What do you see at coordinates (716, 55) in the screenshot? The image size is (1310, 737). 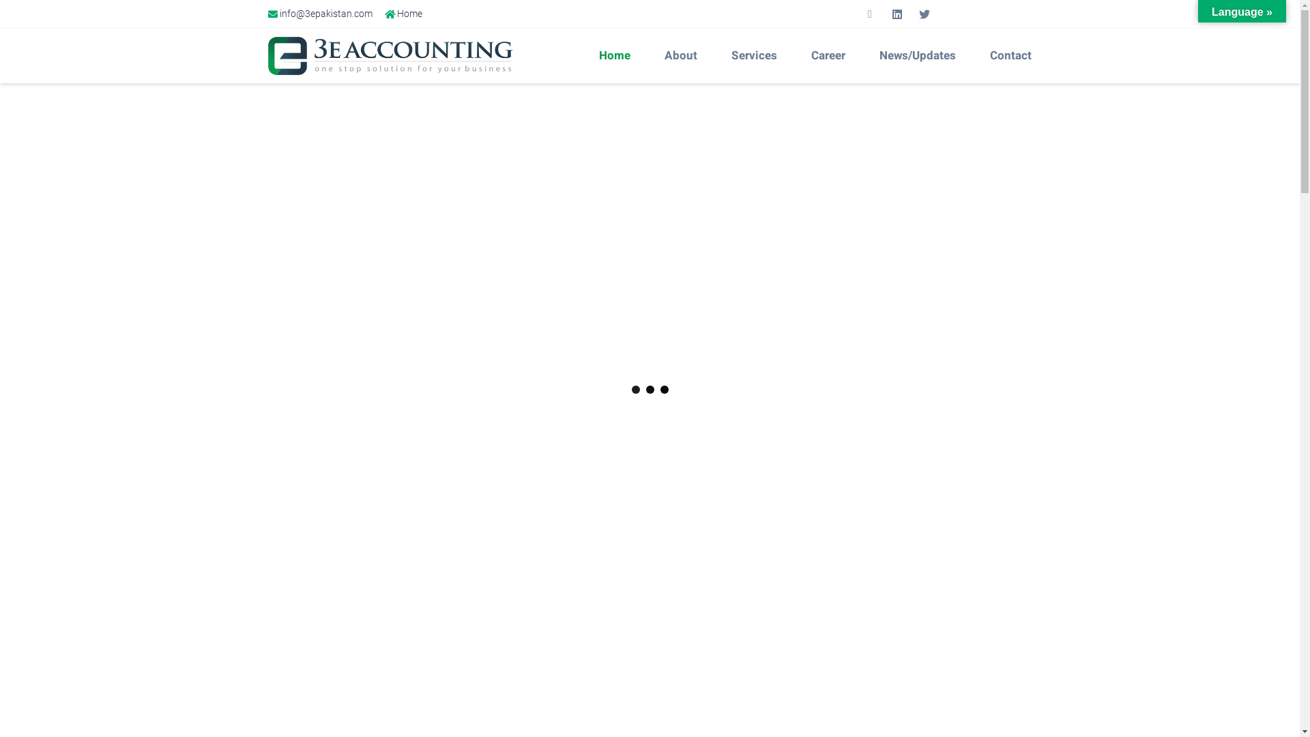 I see `'Services'` at bounding box center [716, 55].